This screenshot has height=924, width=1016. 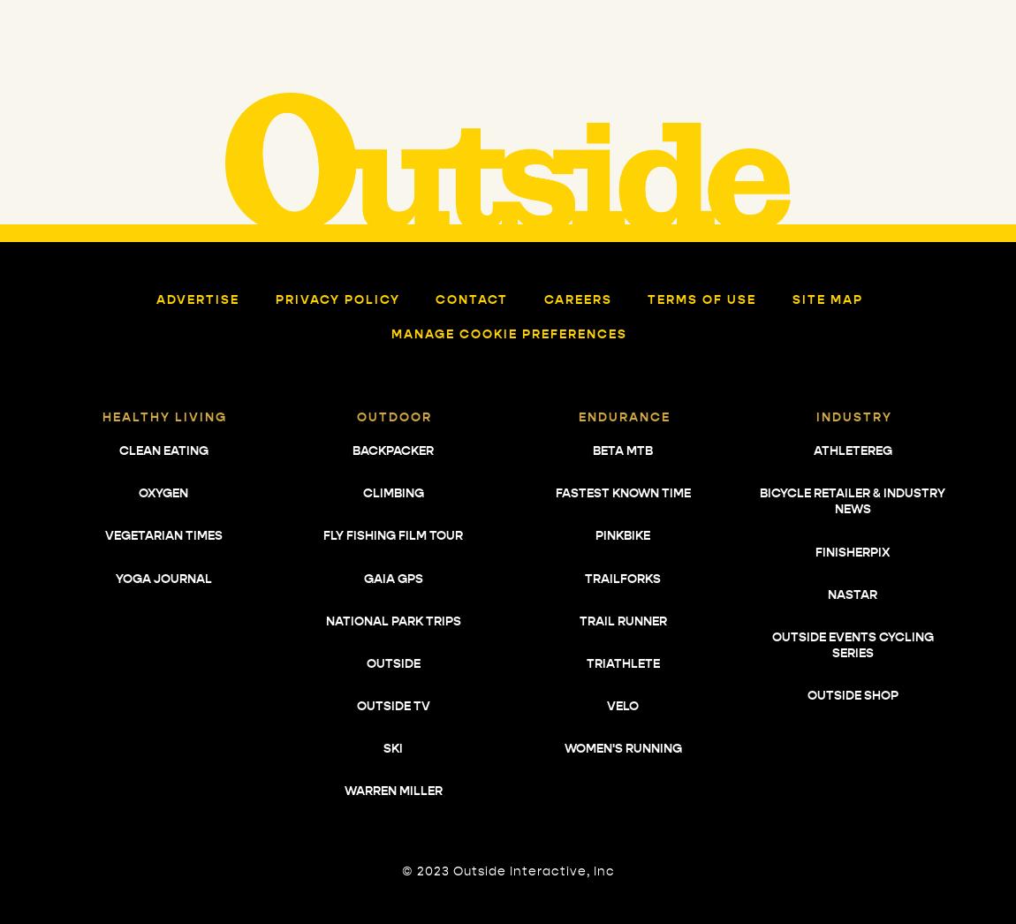 I want to click on 'Outside Events Cycling Series', so click(x=852, y=645).